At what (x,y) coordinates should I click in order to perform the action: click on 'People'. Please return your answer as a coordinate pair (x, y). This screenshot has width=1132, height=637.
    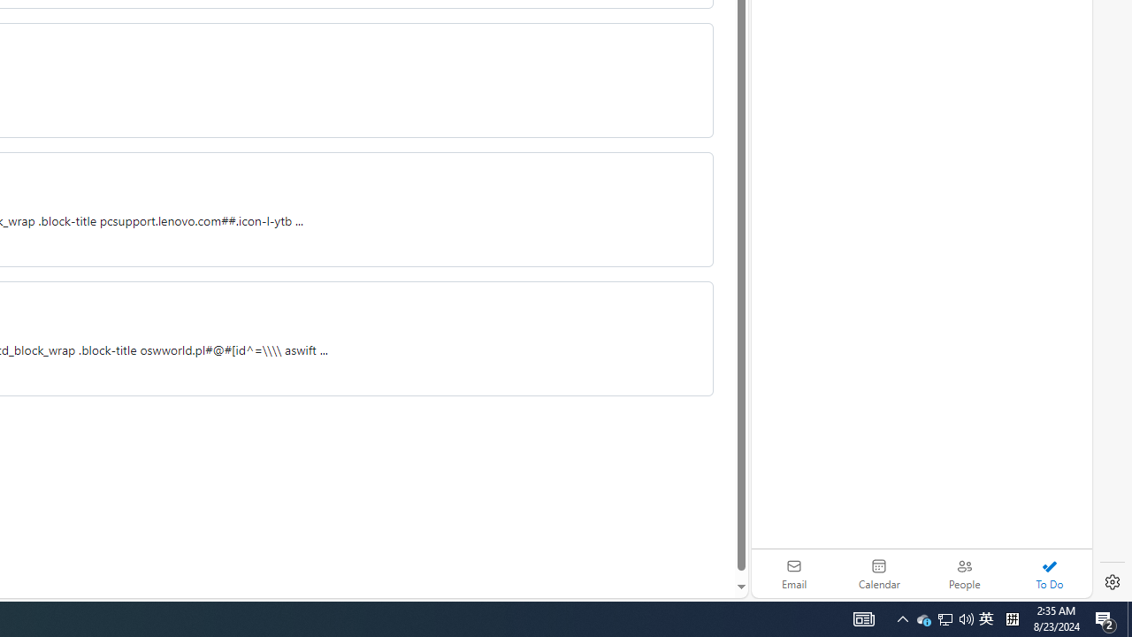
    Looking at the image, I should click on (963, 573).